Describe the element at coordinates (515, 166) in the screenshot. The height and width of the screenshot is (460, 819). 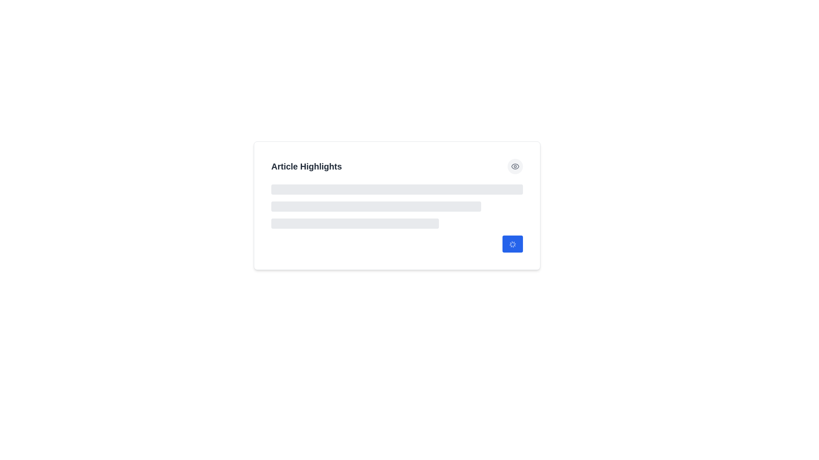
I see `the visibility icon, which resembles an eye with a rounded design located in the top-right corner of a card-like component` at that location.